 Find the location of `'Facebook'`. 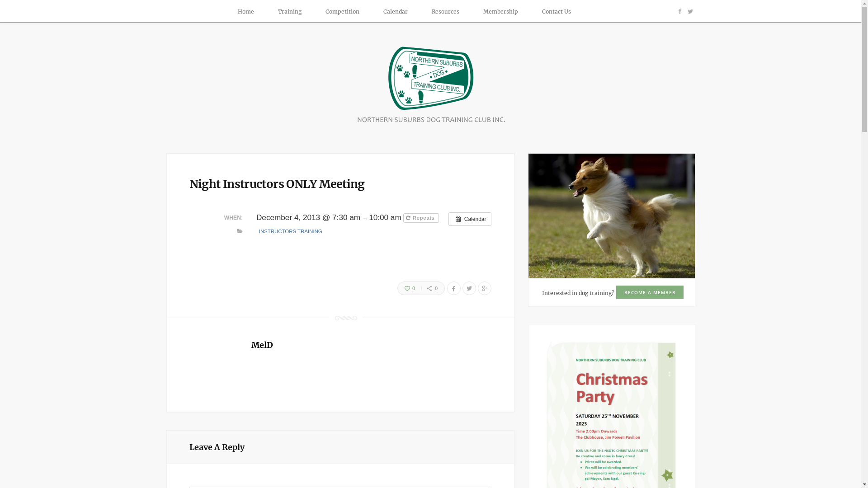

'Facebook' is located at coordinates (679, 11).